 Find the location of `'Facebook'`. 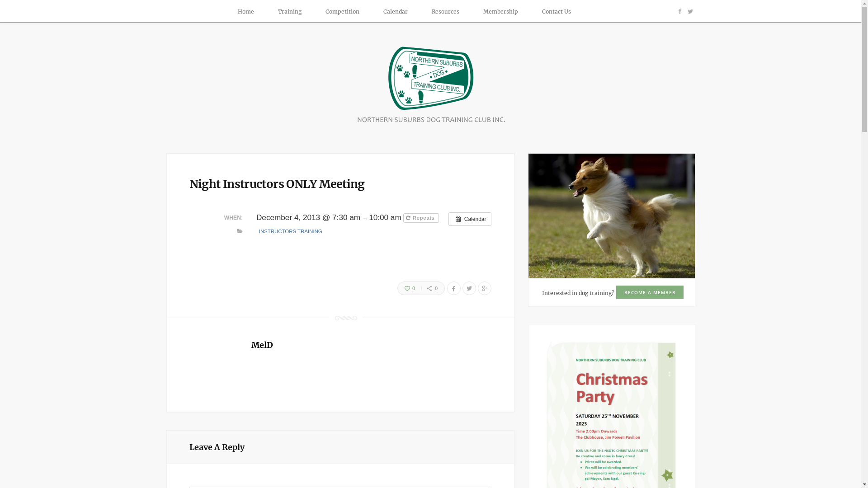

'Facebook' is located at coordinates (679, 11).